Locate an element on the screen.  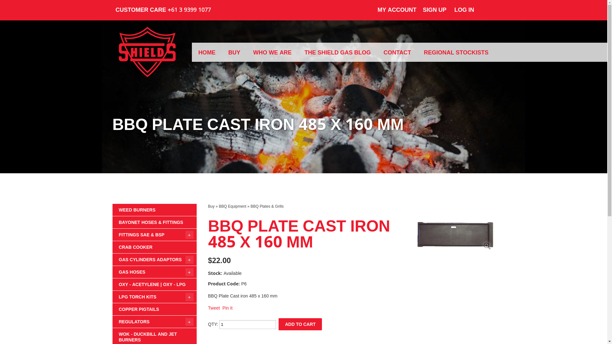
'SIGN UP' is located at coordinates (438, 10).